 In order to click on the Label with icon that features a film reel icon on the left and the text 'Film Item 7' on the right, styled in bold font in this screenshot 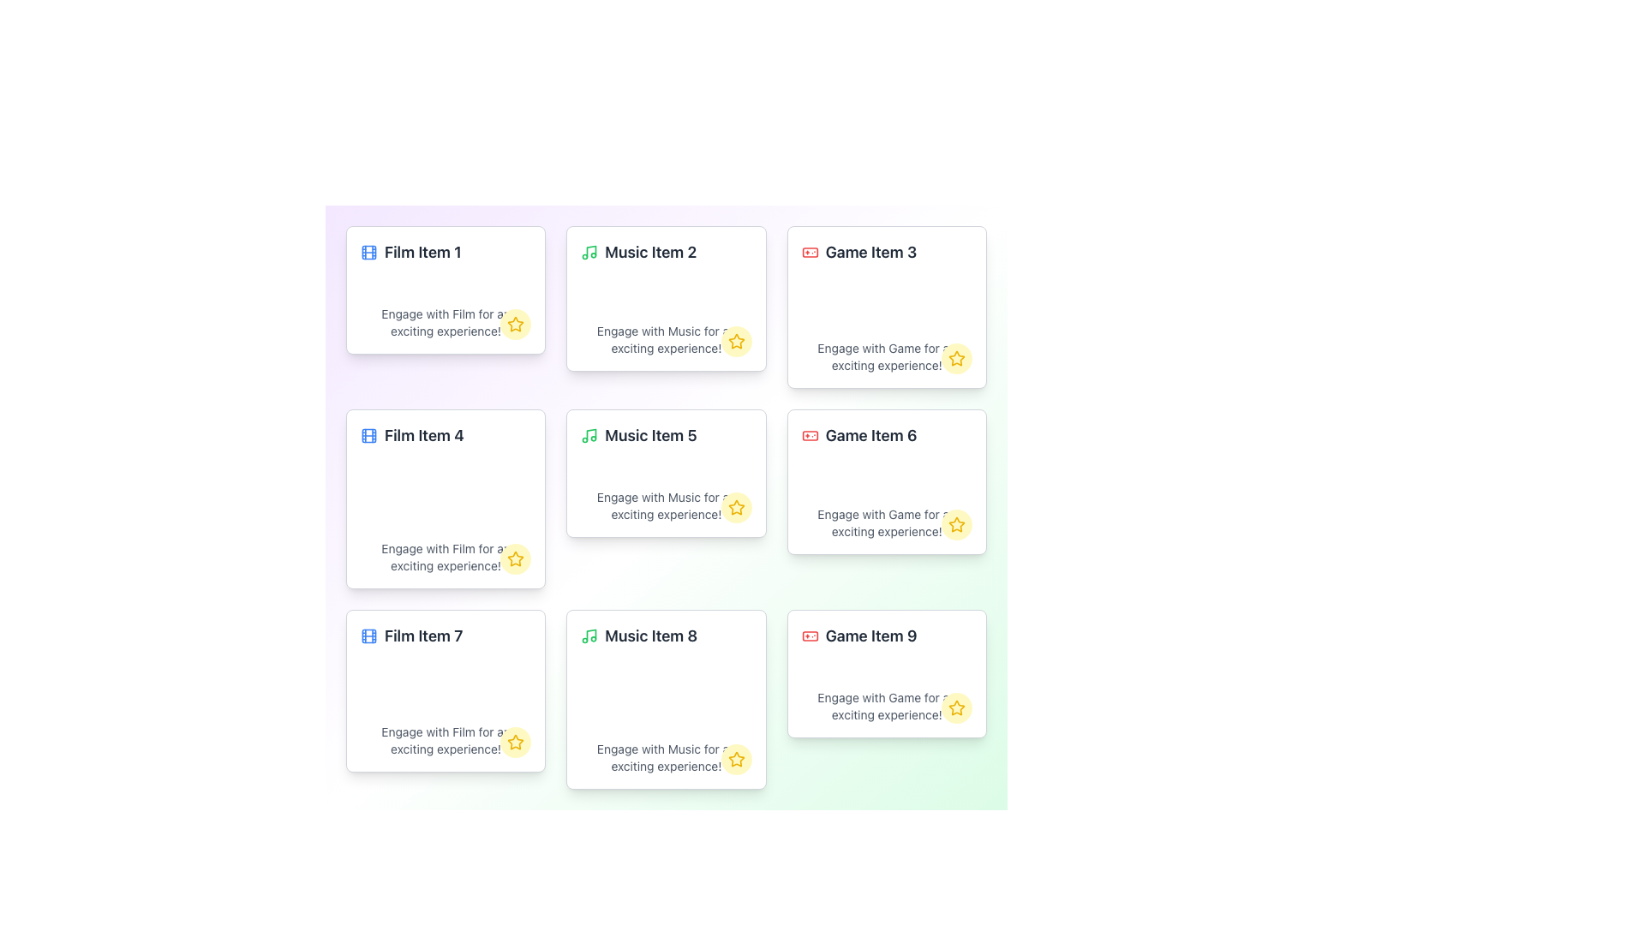, I will do `click(446, 636)`.